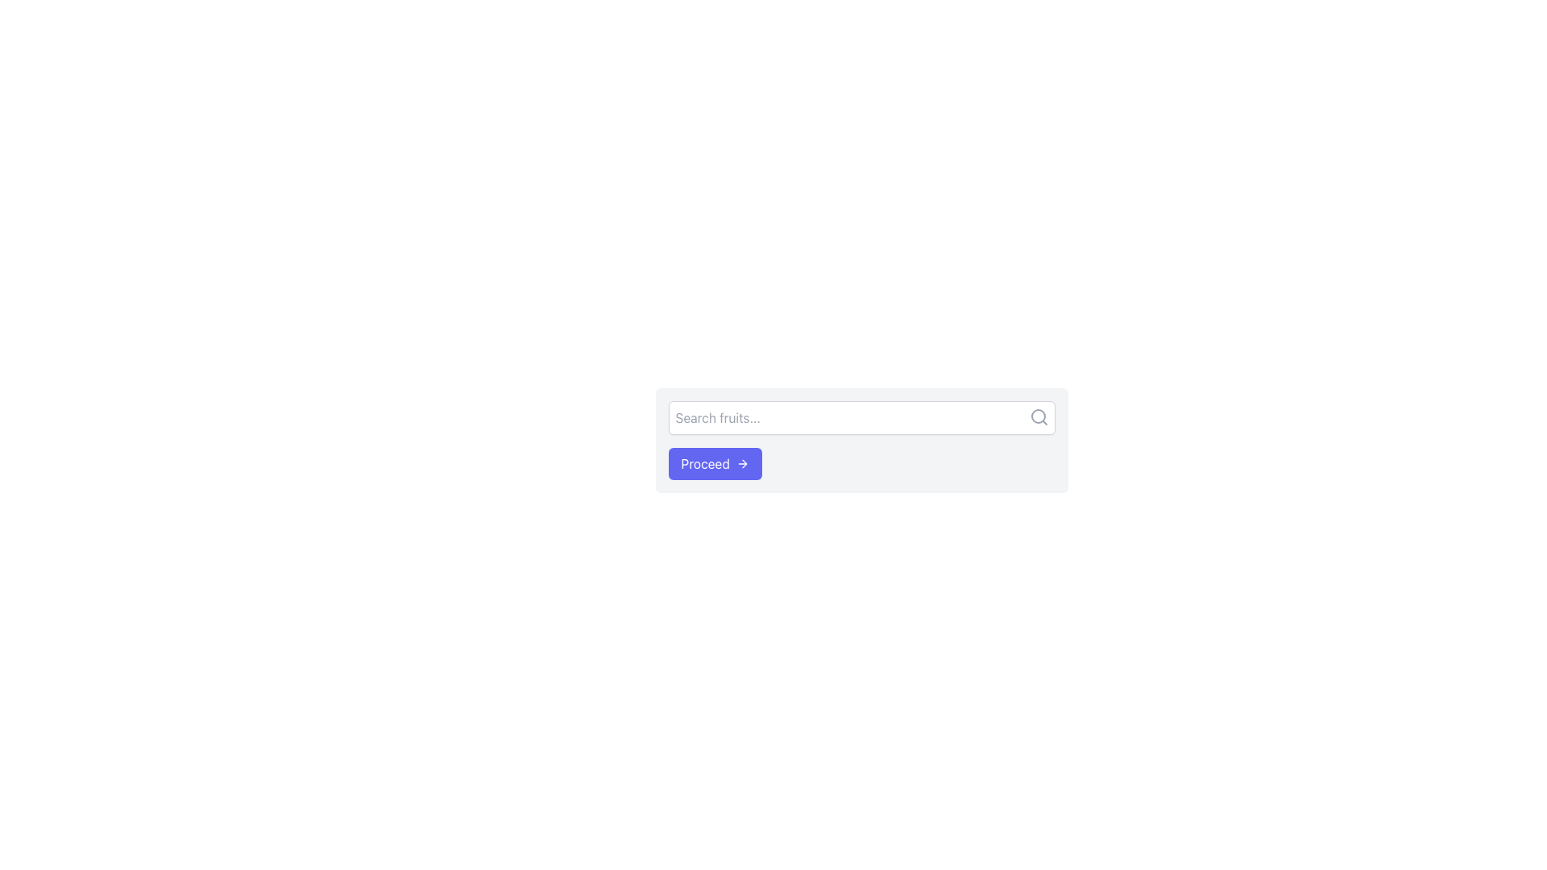  What do you see at coordinates (741, 463) in the screenshot?
I see `the icon within the 'Proceed' button, which indicates a forward action and is located to the right of the button's text` at bounding box center [741, 463].